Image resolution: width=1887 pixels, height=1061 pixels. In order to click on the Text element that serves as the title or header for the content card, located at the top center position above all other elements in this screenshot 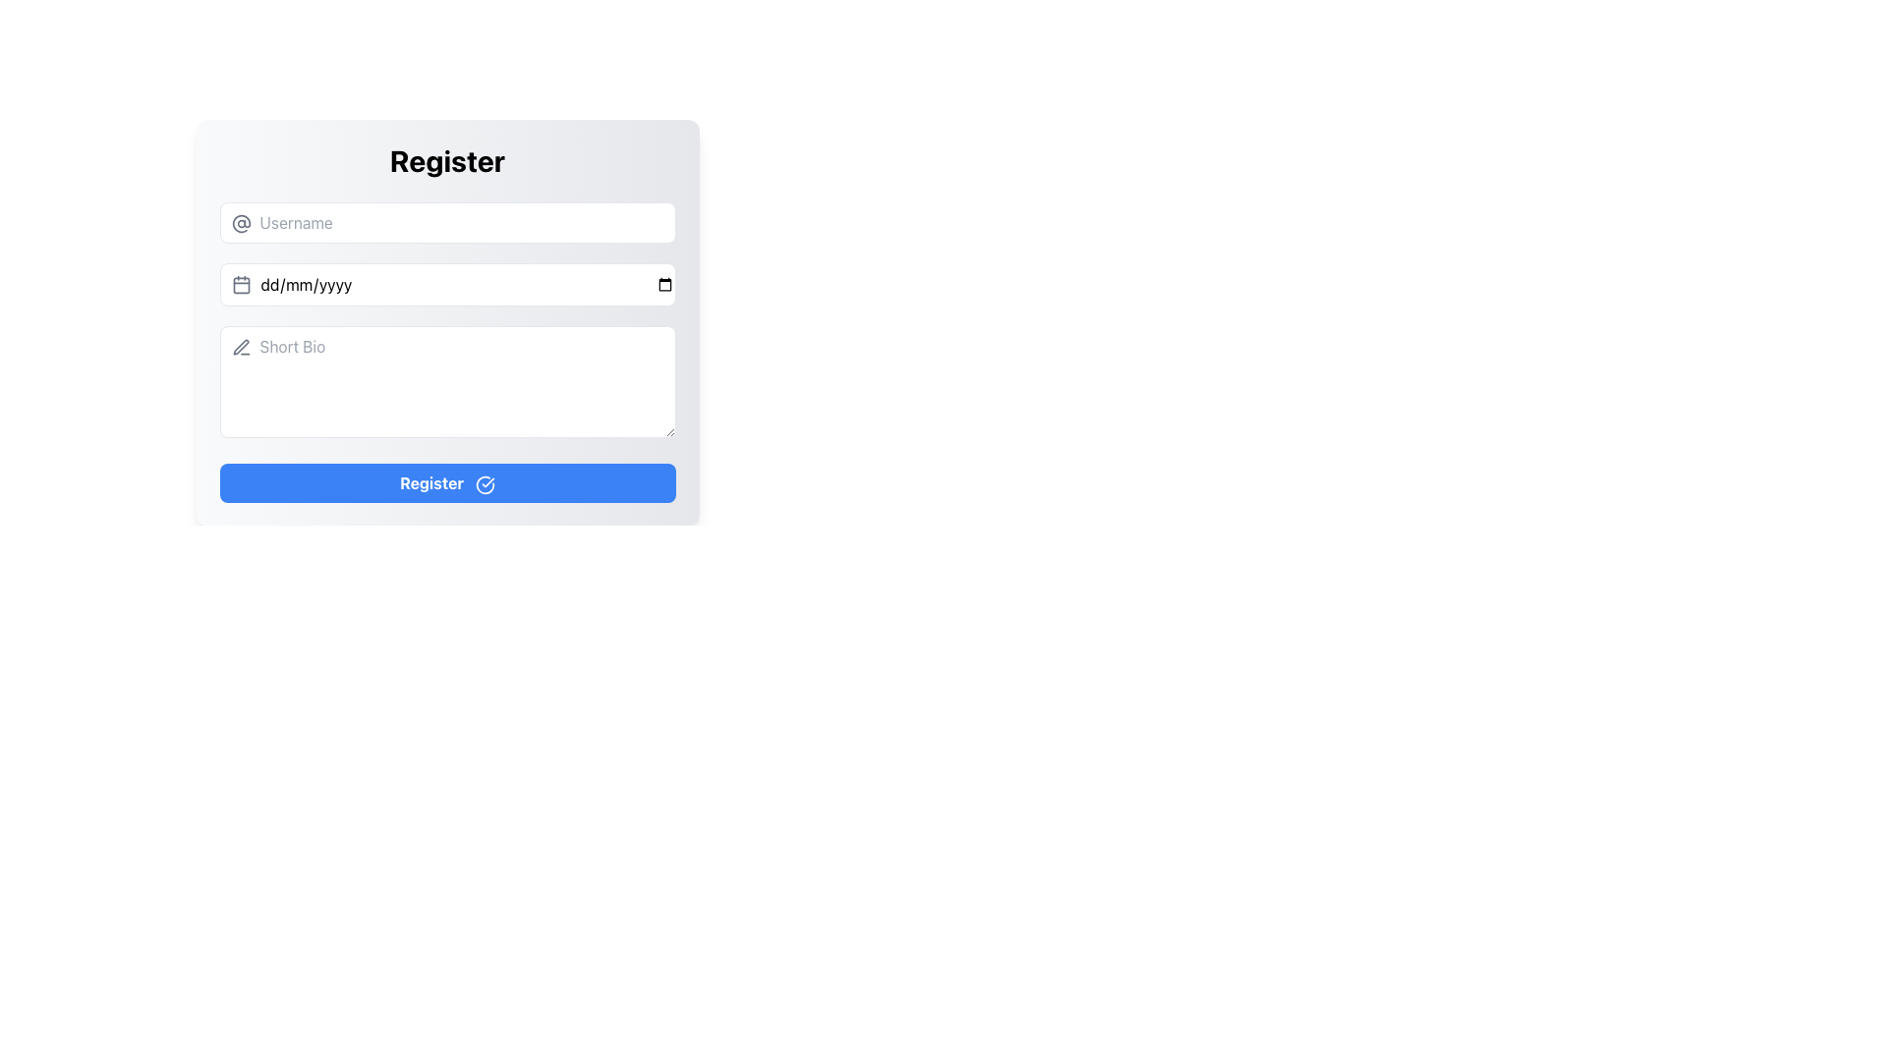, I will do `click(446, 160)`.